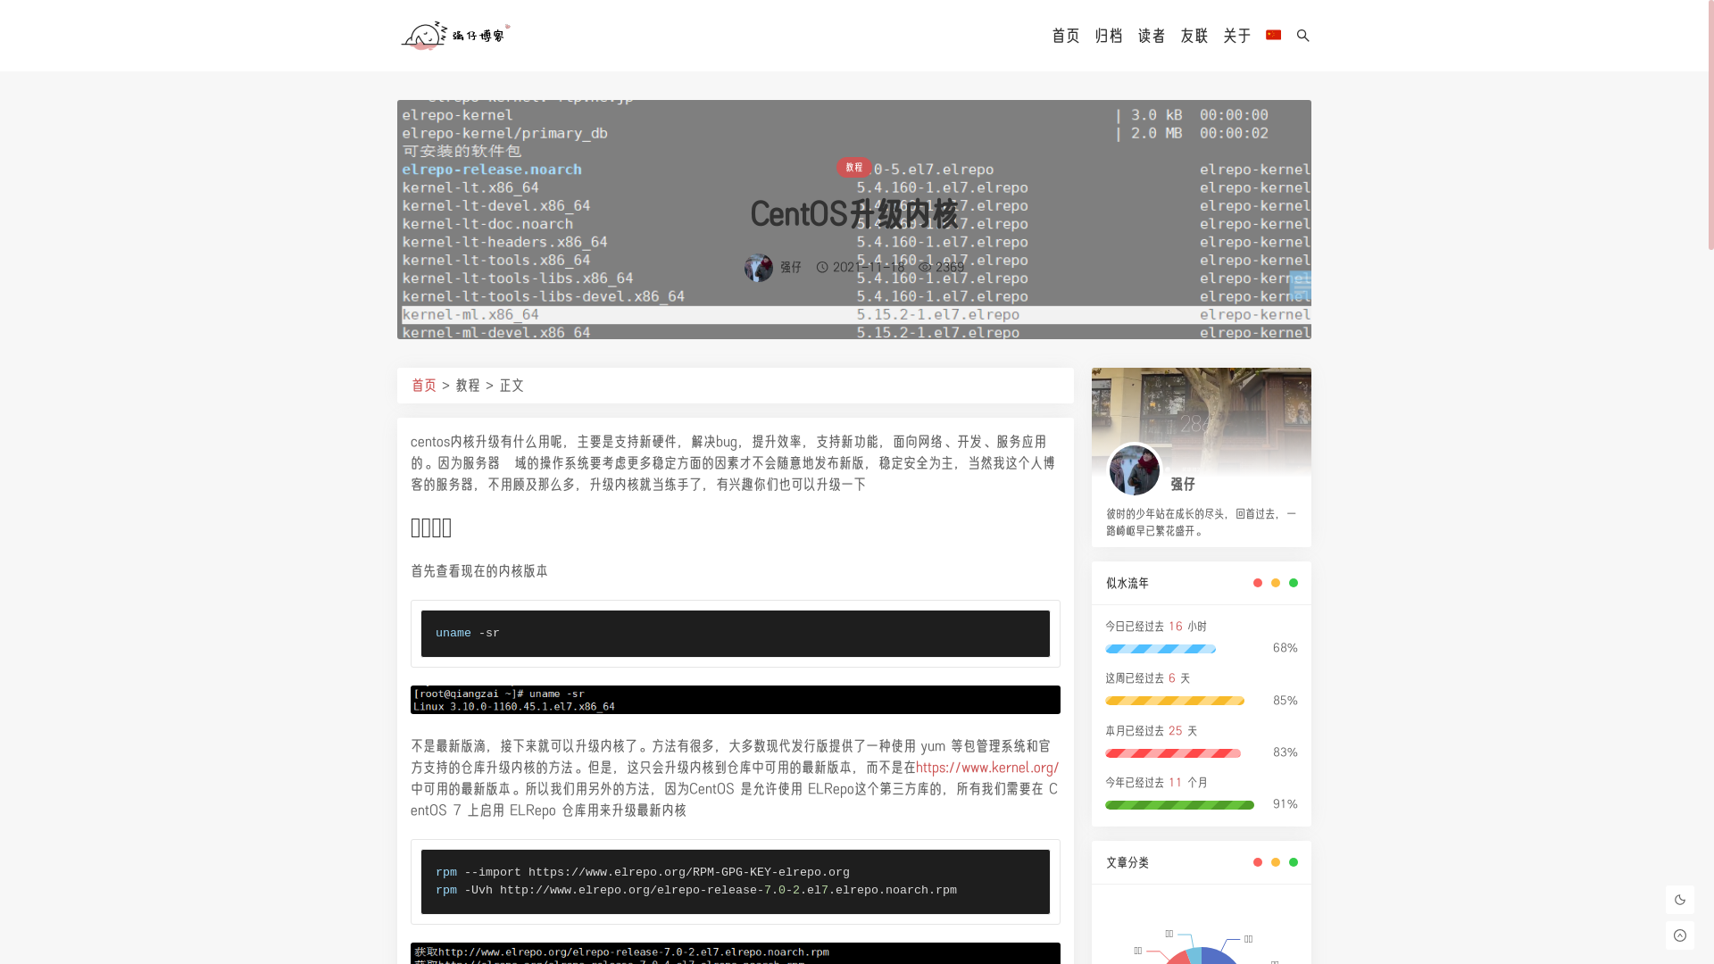 This screenshot has height=964, width=1714. Describe the element at coordinates (986, 766) in the screenshot. I see `'https://www.kernel.org/'` at that location.